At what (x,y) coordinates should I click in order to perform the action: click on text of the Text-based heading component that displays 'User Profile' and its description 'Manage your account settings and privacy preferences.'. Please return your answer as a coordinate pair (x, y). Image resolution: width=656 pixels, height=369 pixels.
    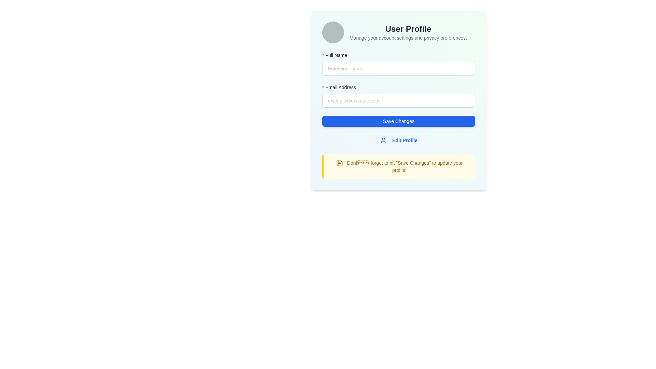
    Looking at the image, I should click on (408, 32).